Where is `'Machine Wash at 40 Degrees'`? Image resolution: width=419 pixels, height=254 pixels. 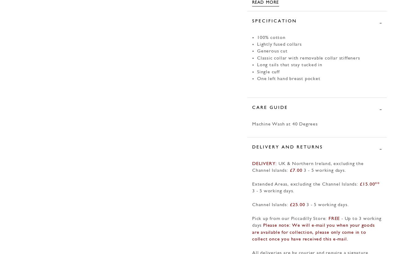 'Machine Wash at 40 Degrees' is located at coordinates (285, 124).